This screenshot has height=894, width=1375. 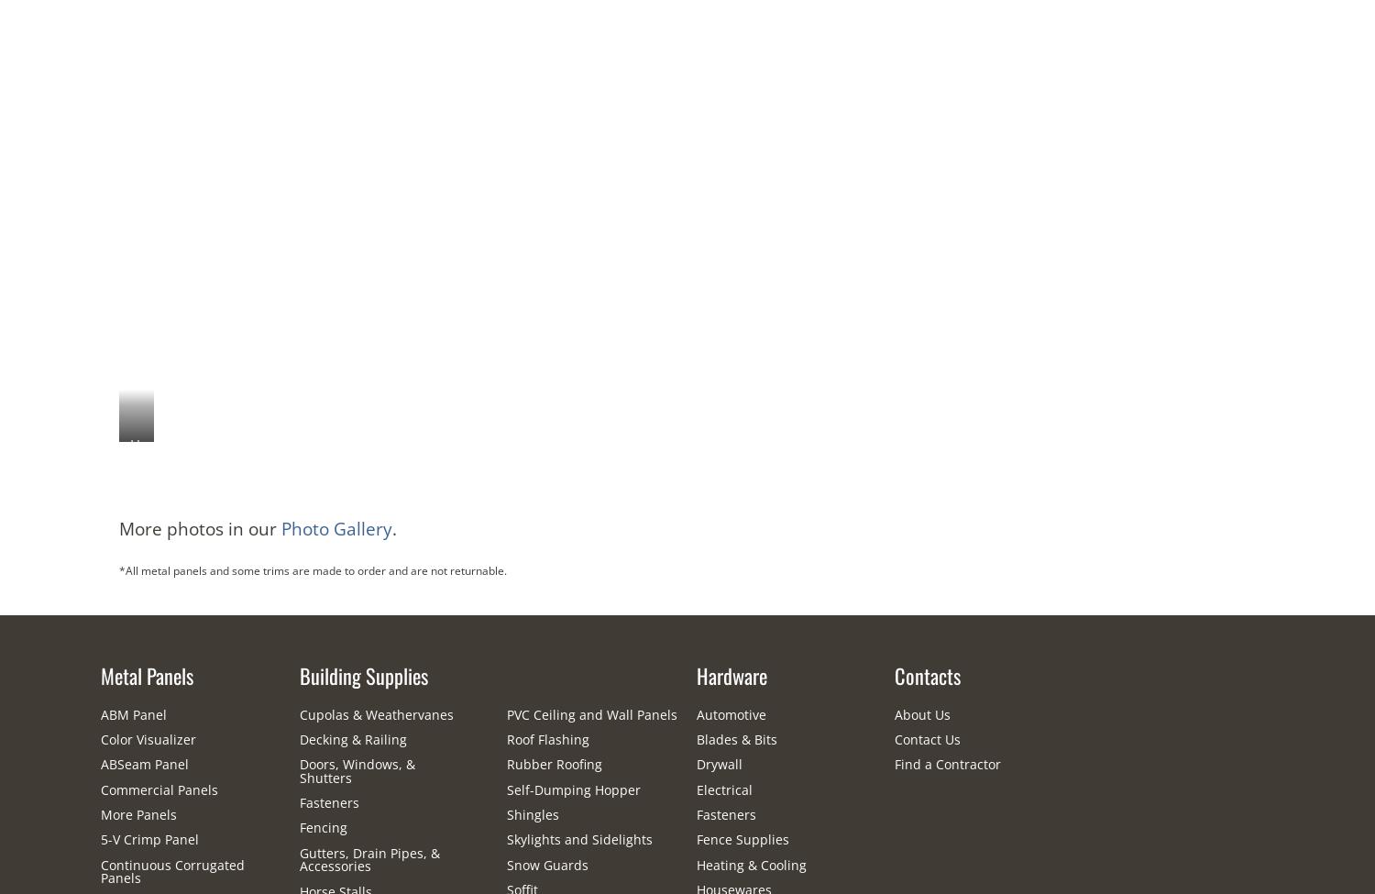 I want to click on 'House with Textured Charcoal ABM Panel', so click(x=157, y=513).